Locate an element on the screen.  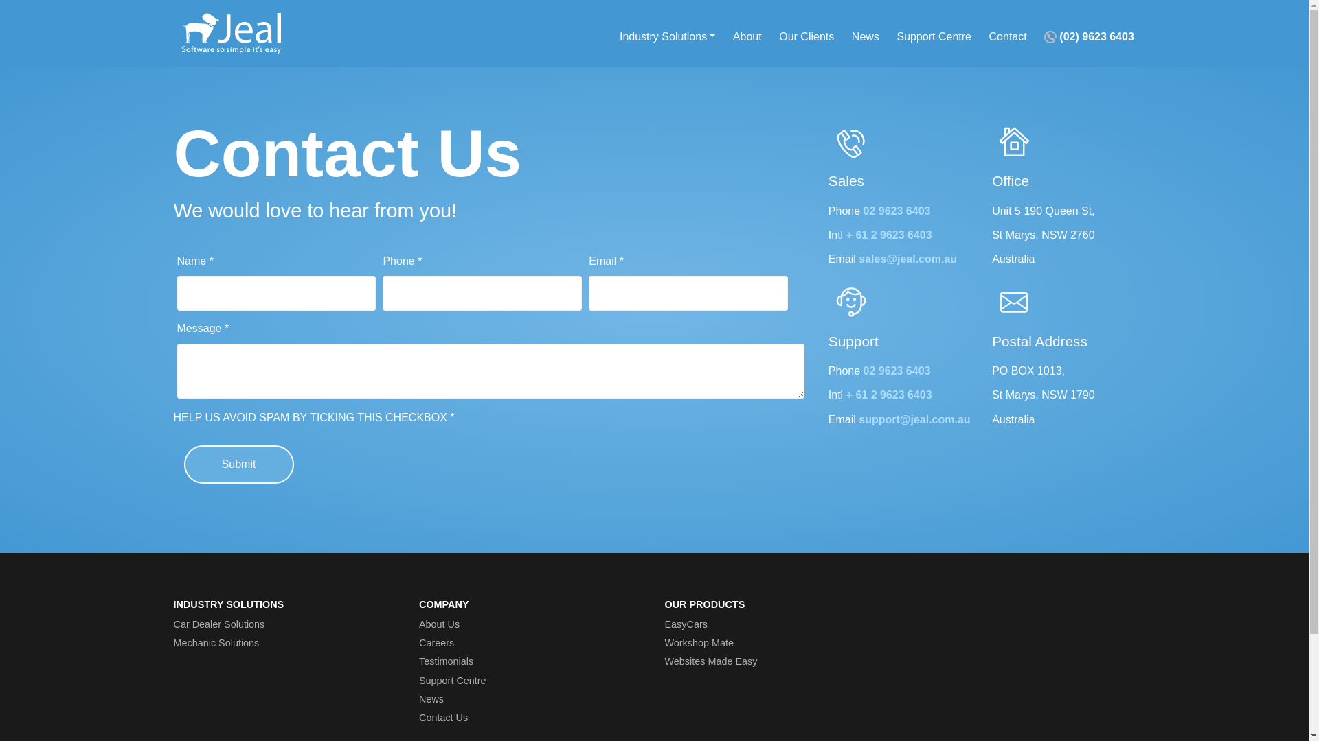
'About' is located at coordinates (746, 36).